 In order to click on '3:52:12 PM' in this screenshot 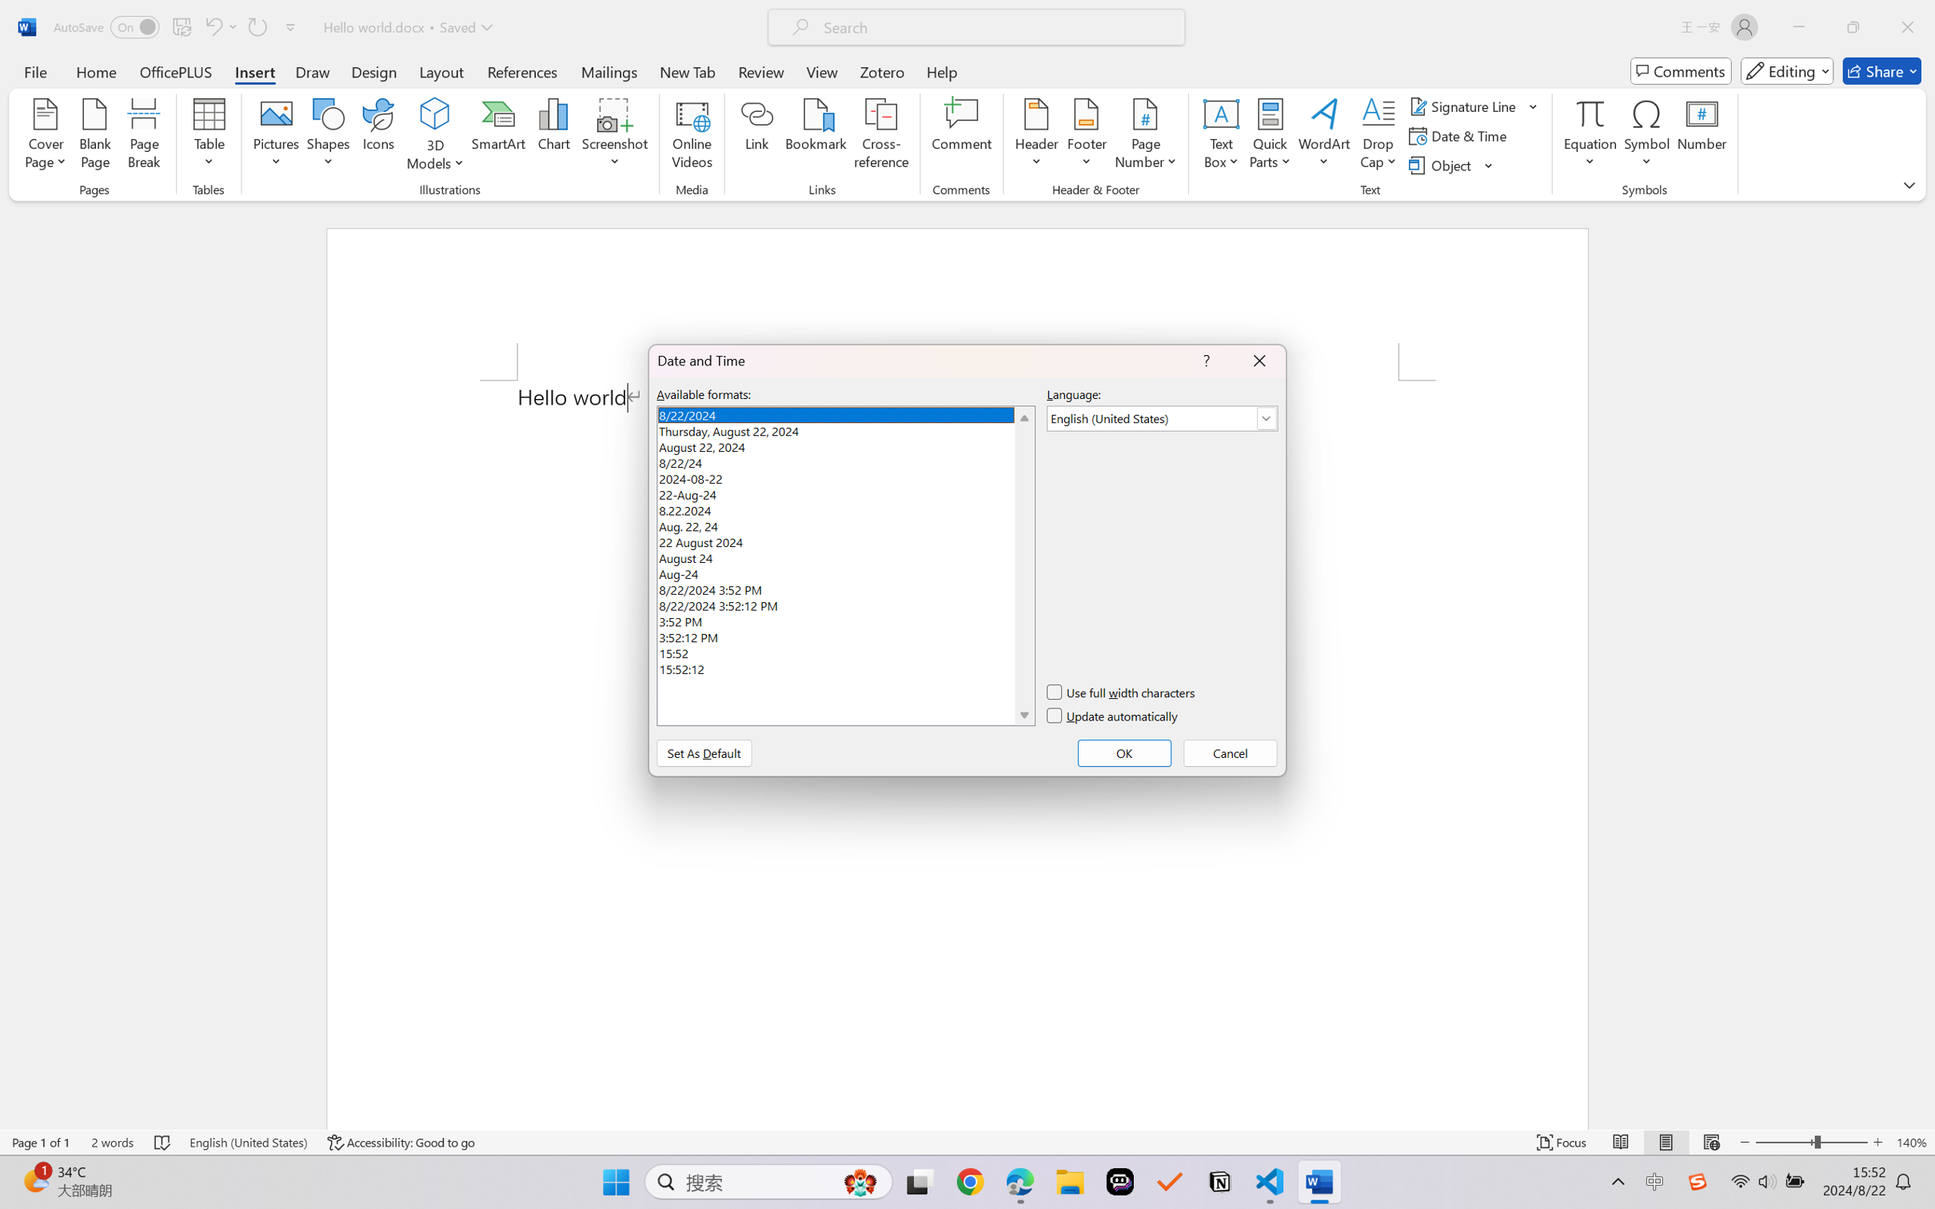, I will do `click(844, 634)`.